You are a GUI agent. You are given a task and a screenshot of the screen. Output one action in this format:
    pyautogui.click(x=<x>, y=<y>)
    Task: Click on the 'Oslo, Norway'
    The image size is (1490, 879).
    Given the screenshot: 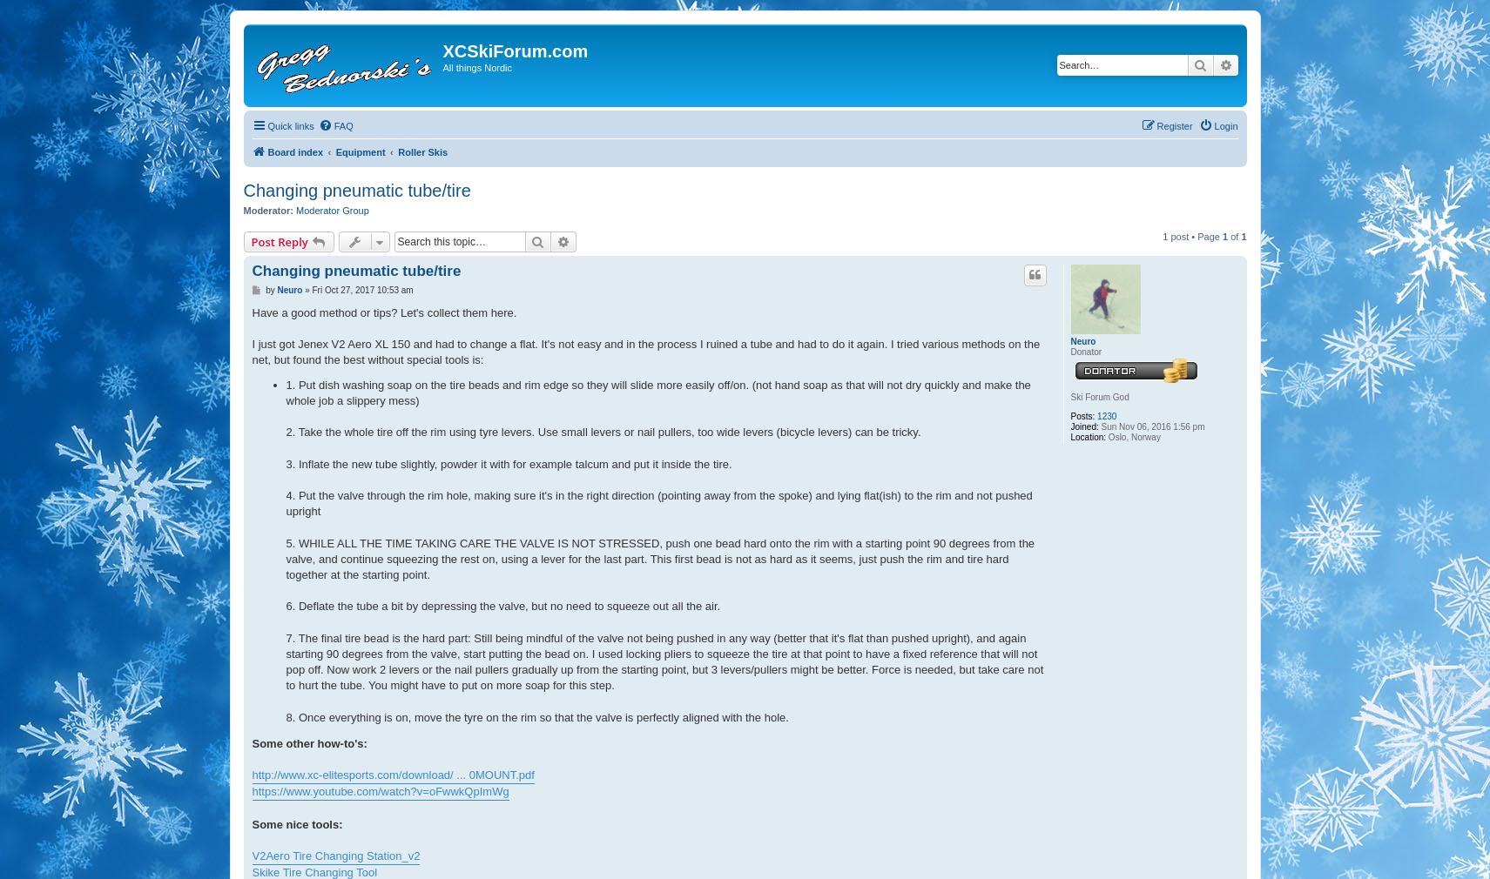 What is the action you would take?
    pyautogui.click(x=1105, y=437)
    